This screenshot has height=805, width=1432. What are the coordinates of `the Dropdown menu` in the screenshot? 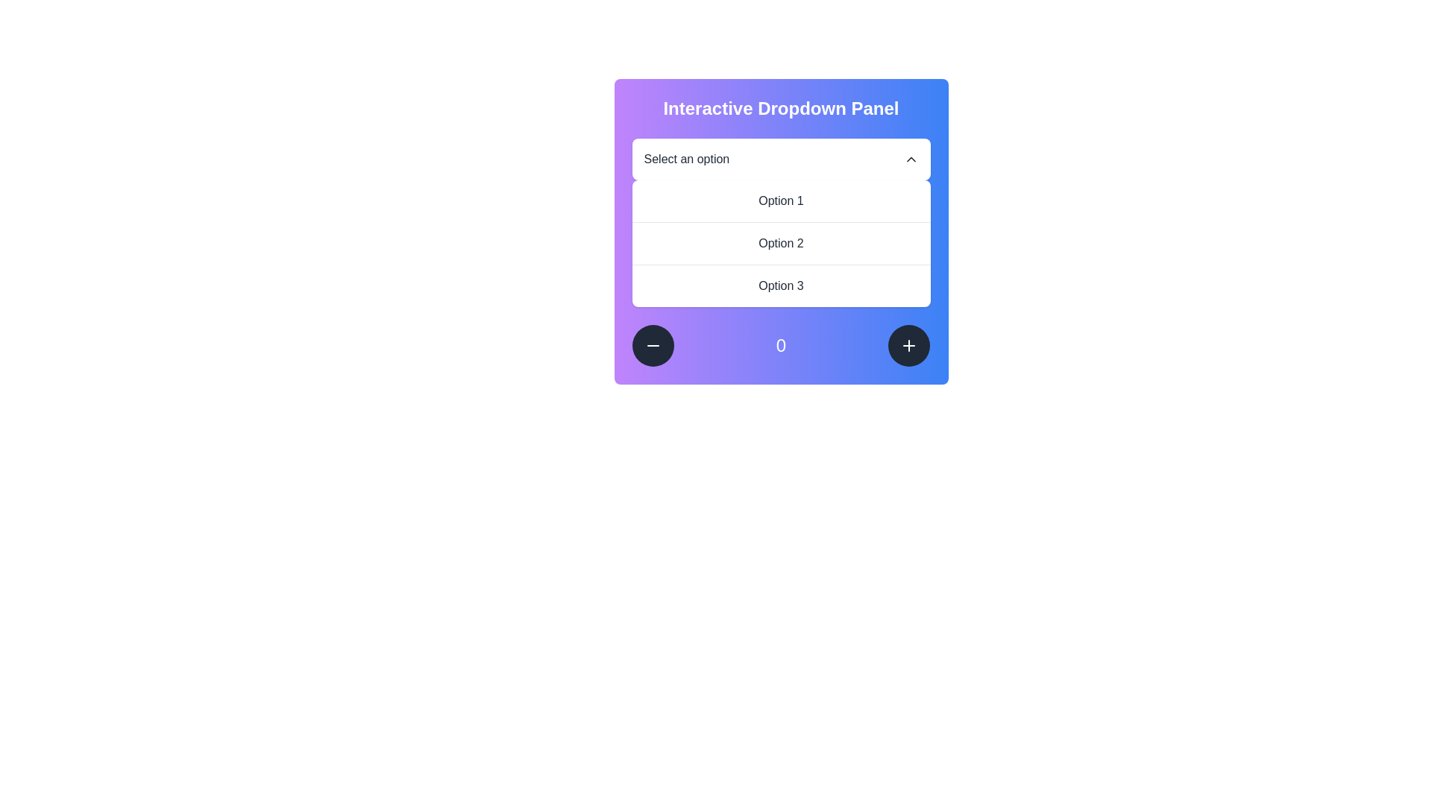 It's located at (780, 223).